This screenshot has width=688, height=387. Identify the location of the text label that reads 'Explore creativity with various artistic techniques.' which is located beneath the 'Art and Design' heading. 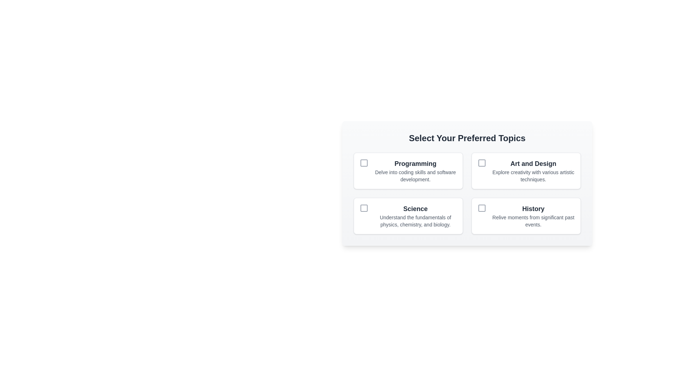
(533, 176).